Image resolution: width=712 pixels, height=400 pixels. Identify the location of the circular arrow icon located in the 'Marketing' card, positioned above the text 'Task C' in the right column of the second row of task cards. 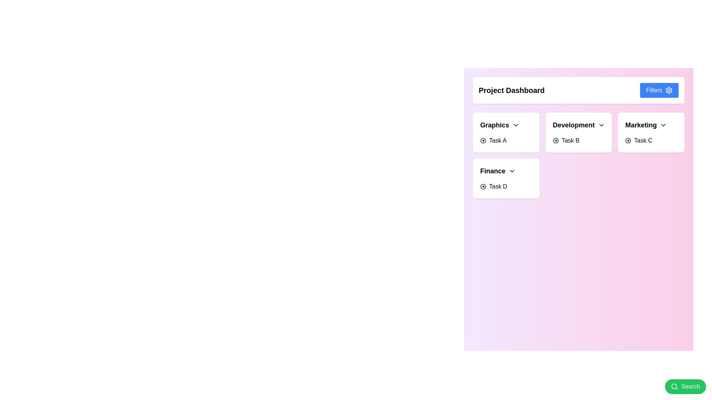
(628, 141).